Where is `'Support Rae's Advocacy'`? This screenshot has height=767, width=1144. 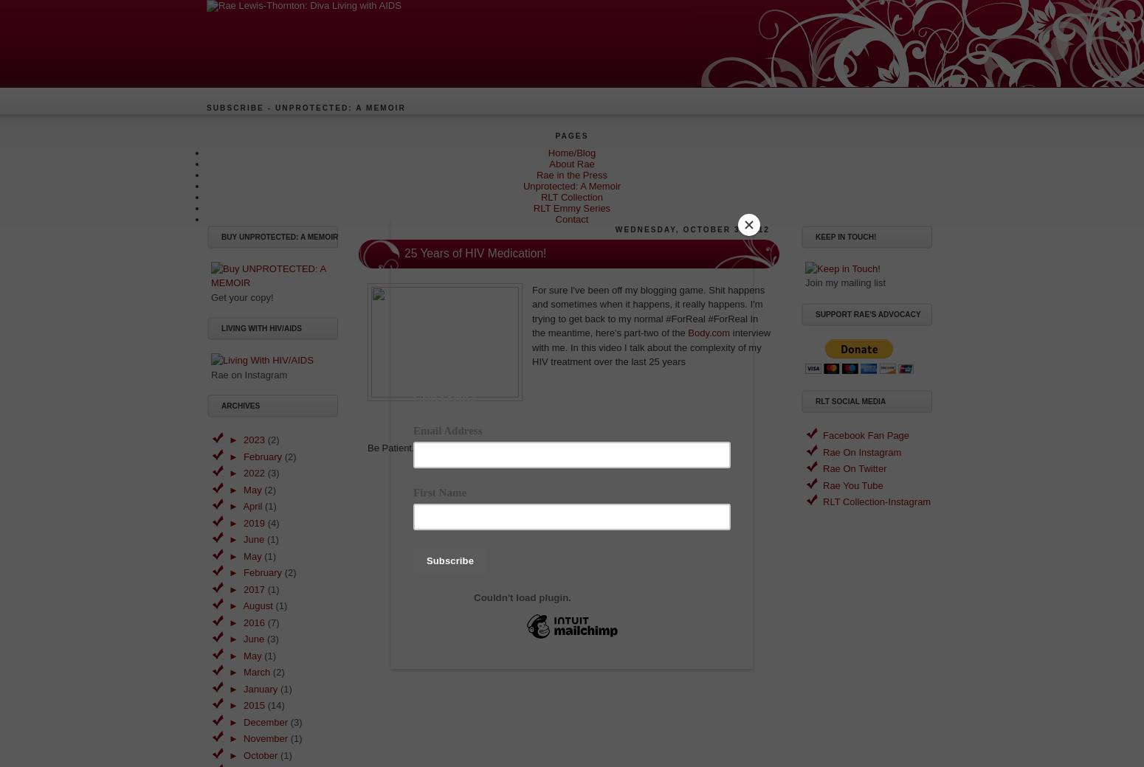 'Support Rae's Advocacy' is located at coordinates (867, 313).